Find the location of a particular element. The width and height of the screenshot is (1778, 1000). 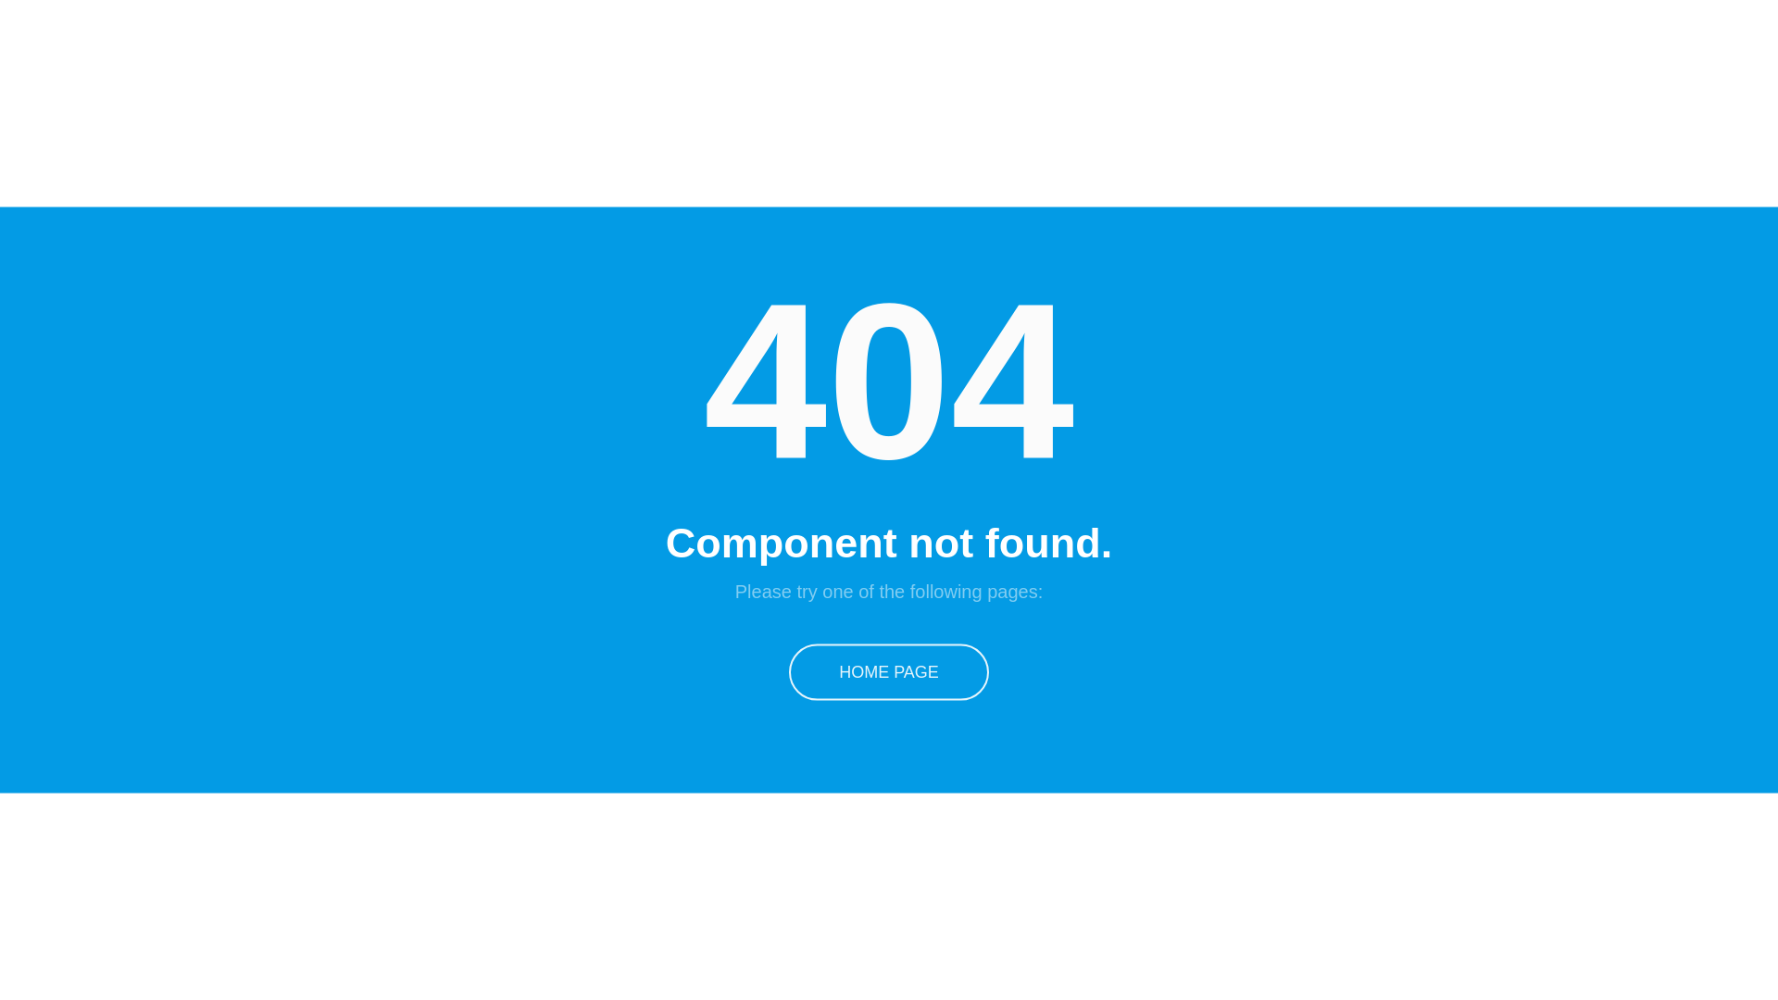

'HOME PAGE' is located at coordinates (889, 671).